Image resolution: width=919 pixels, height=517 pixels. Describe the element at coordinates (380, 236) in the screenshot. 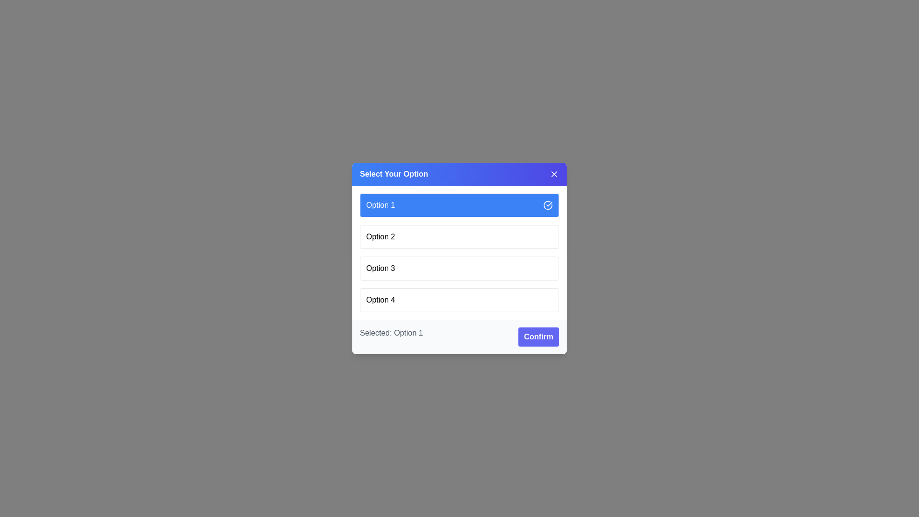

I see `the text label that displays the name of the second selectable option in the menu, located between 'Option 1' and 'Option 3'` at that location.